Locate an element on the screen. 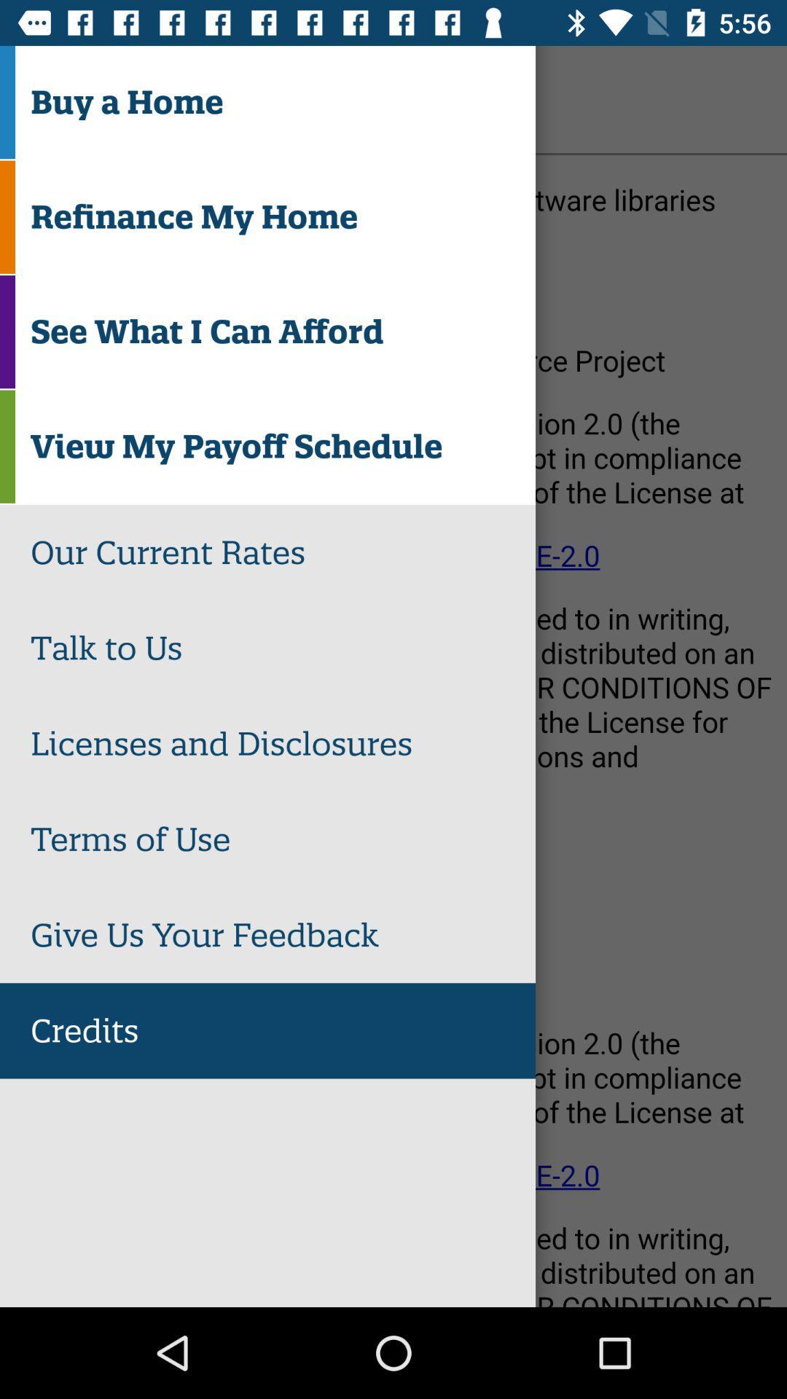  view my payoff item is located at coordinates (283, 446).